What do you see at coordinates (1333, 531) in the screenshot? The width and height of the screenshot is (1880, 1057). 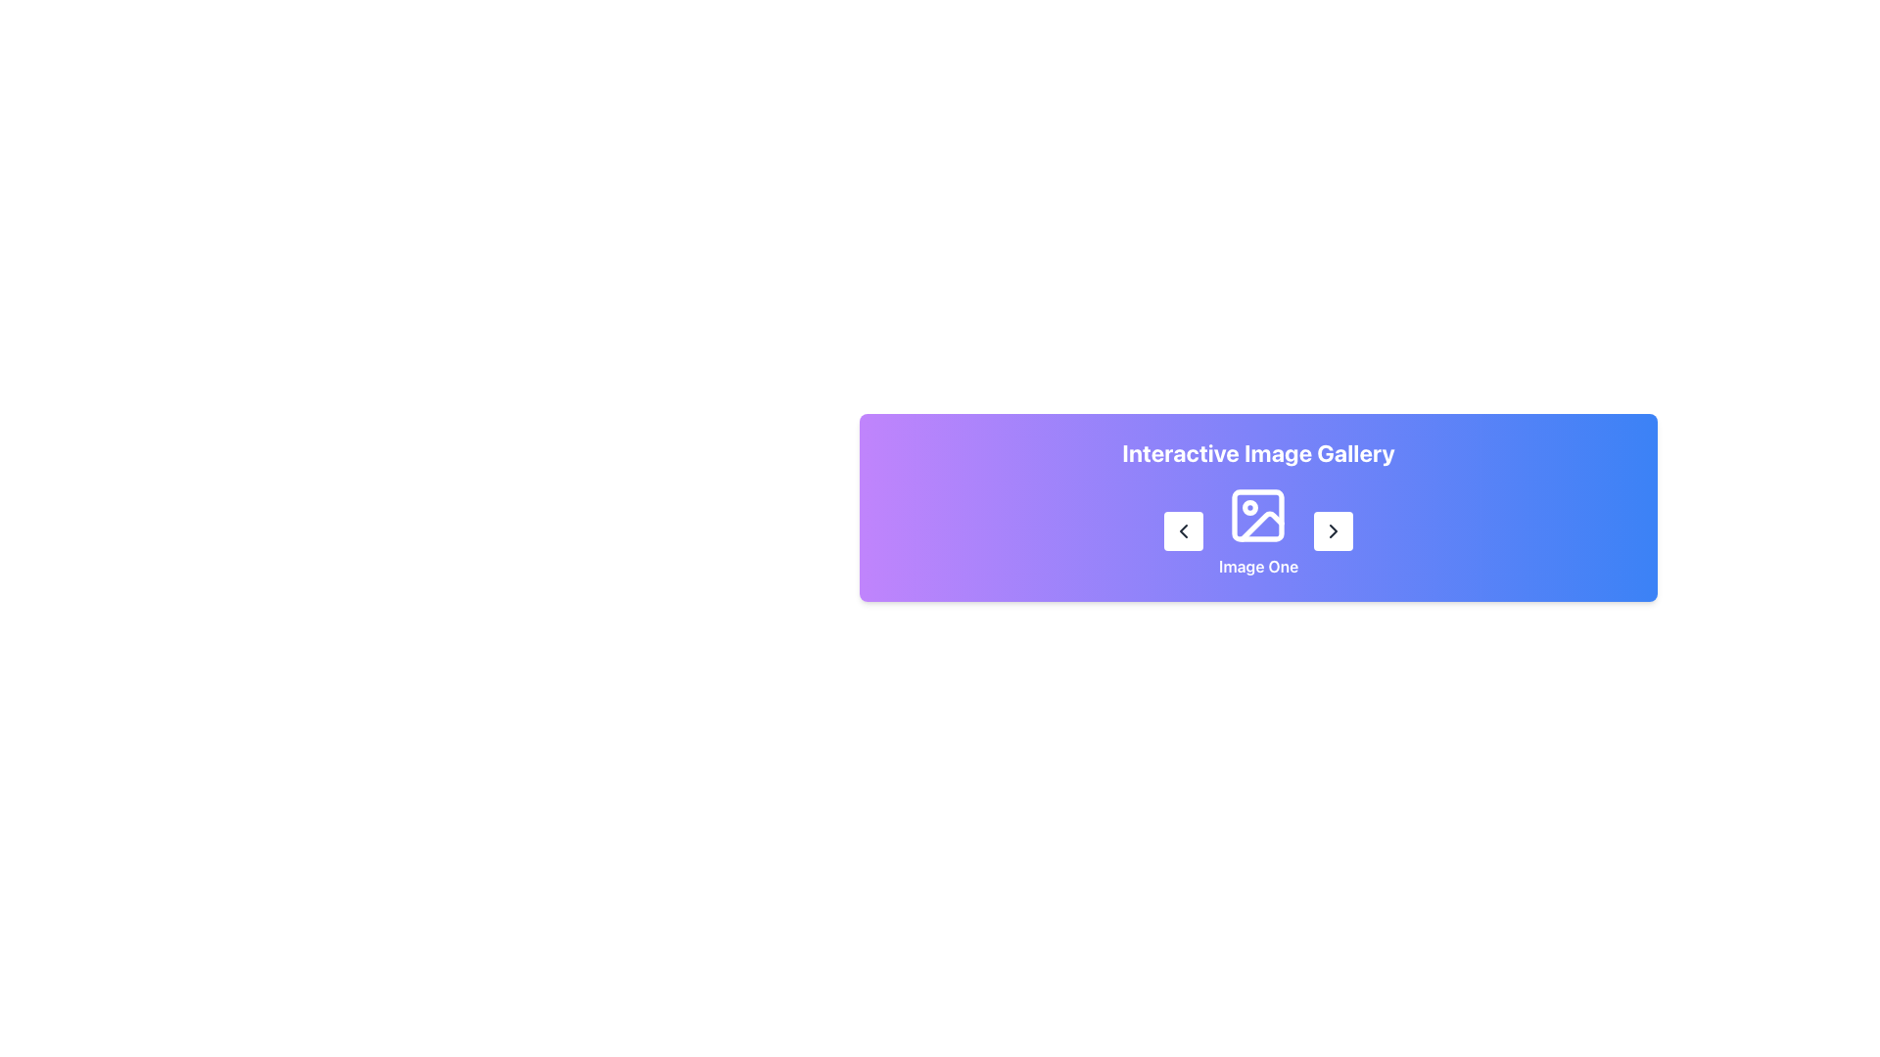 I see `the right navigation button, which is a rounded button with a white background and a right-pointing arrow icon, located to the right of the 'Image One' text and icon` at bounding box center [1333, 531].